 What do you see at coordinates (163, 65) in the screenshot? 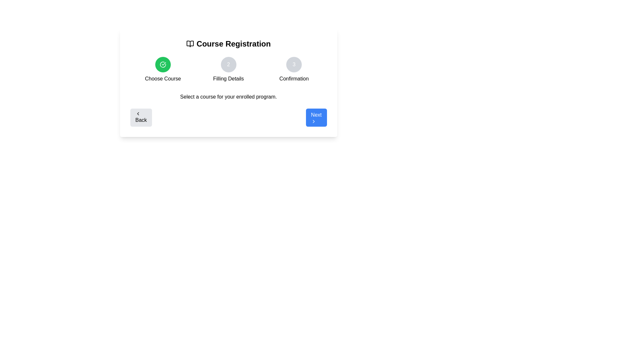
I see `the state of the green circular icon with a checkmark, located under the 'Choose Course' heading in the step indicator for the first step of the registration process` at bounding box center [163, 65].